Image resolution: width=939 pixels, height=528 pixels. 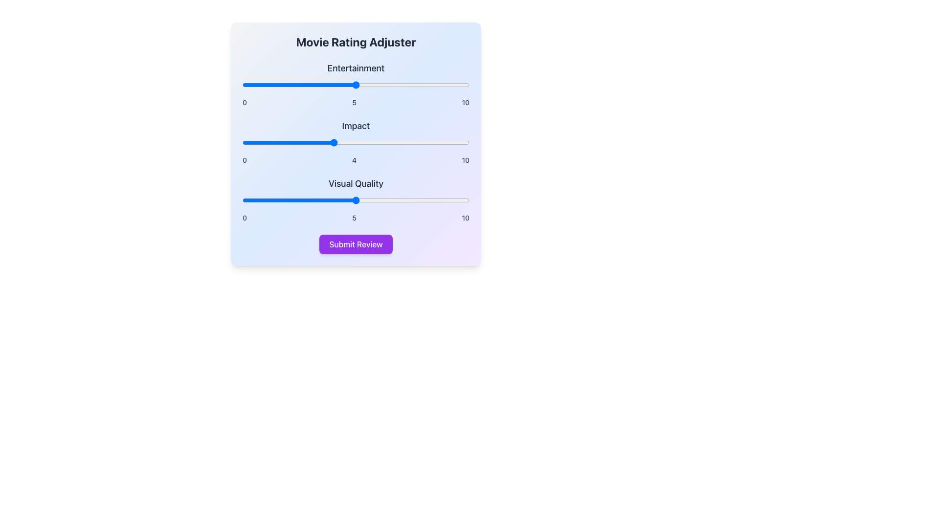 What do you see at coordinates (446, 143) in the screenshot?
I see `the Impact rating slider` at bounding box center [446, 143].